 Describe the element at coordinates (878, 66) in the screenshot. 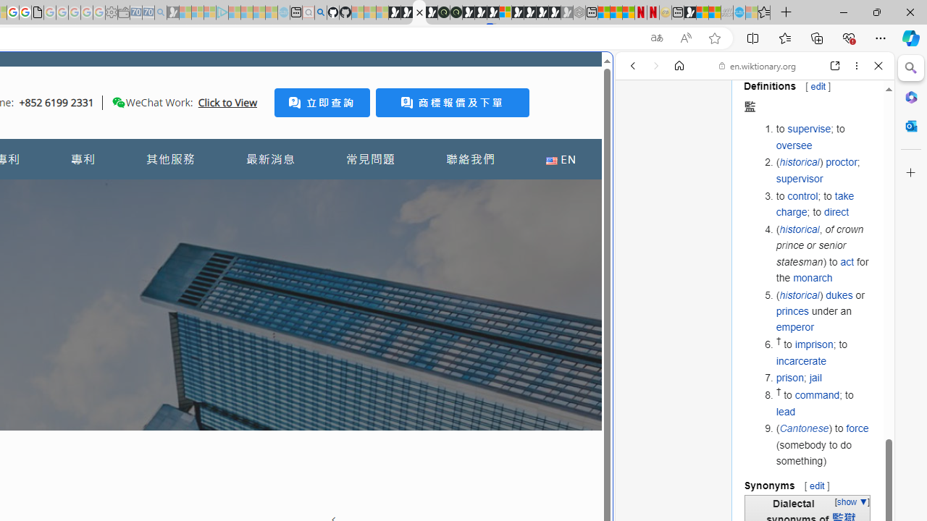

I see `'Close'` at that location.